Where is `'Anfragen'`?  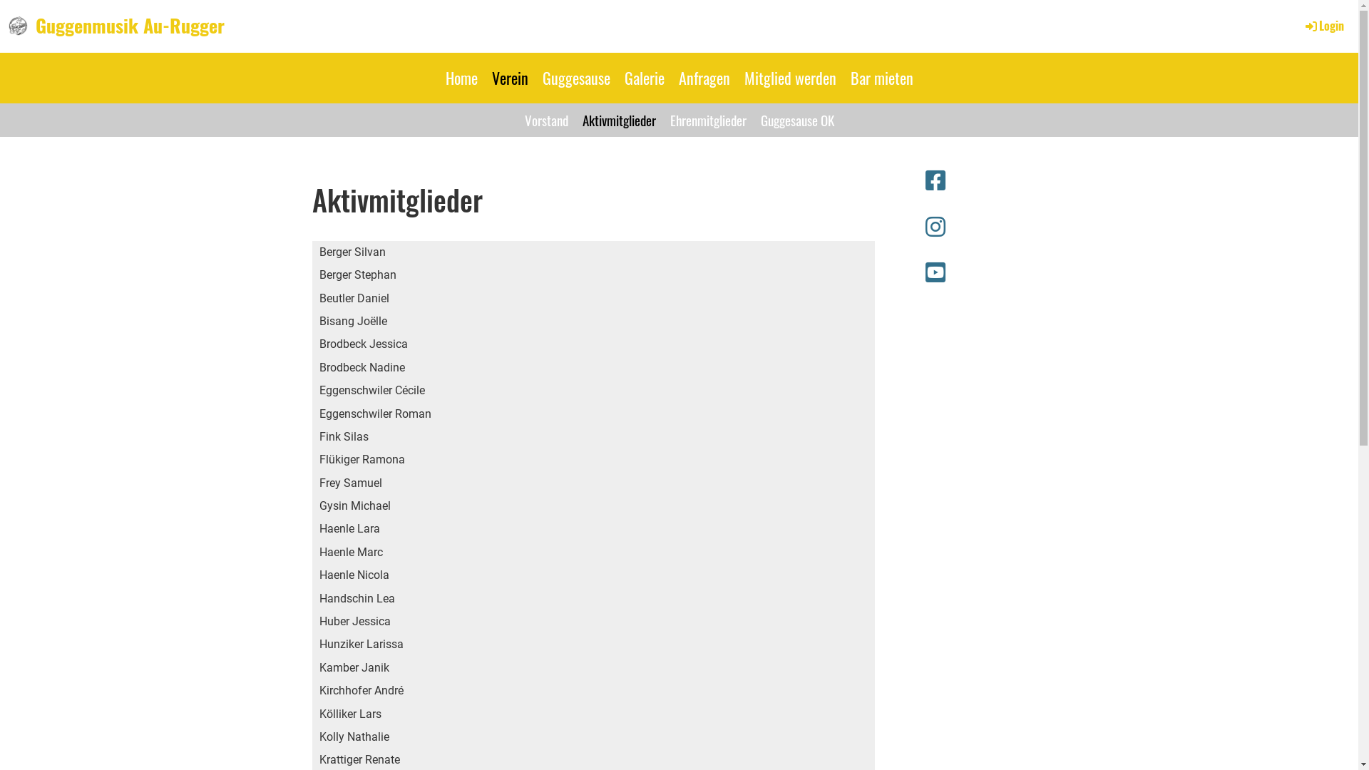 'Anfragen' is located at coordinates (704, 78).